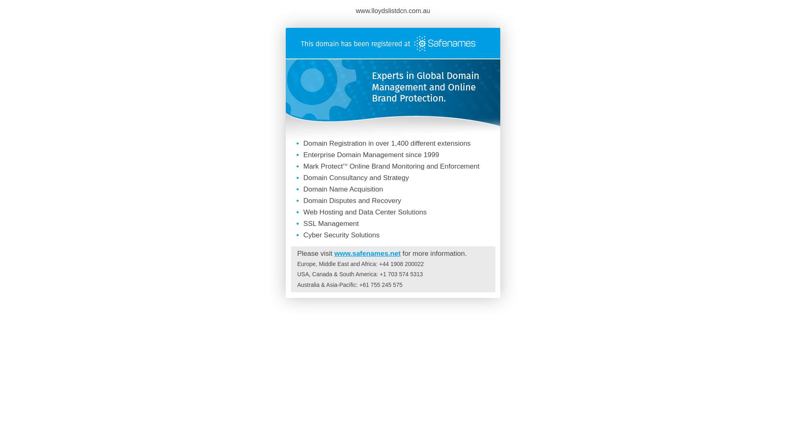  Describe the element at coordinates (367, 253) in the screenshot. I see `'www.safenames.net'` at that location.